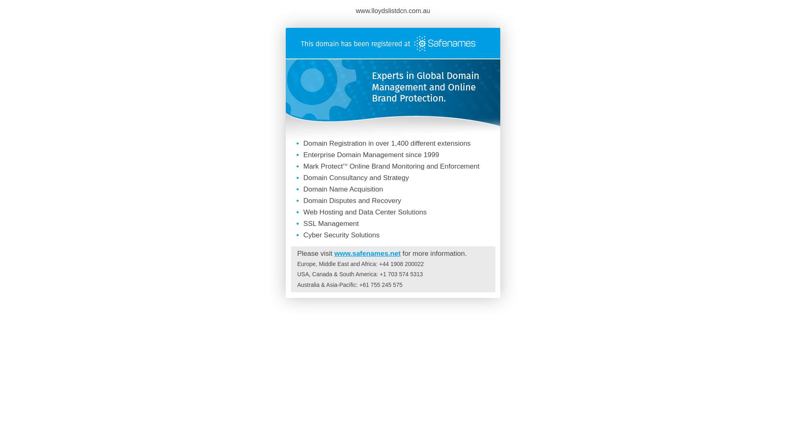  Describe the element at coordinates (367, 253) in the screenshot. I see `'www.safenames.net'` at that location.